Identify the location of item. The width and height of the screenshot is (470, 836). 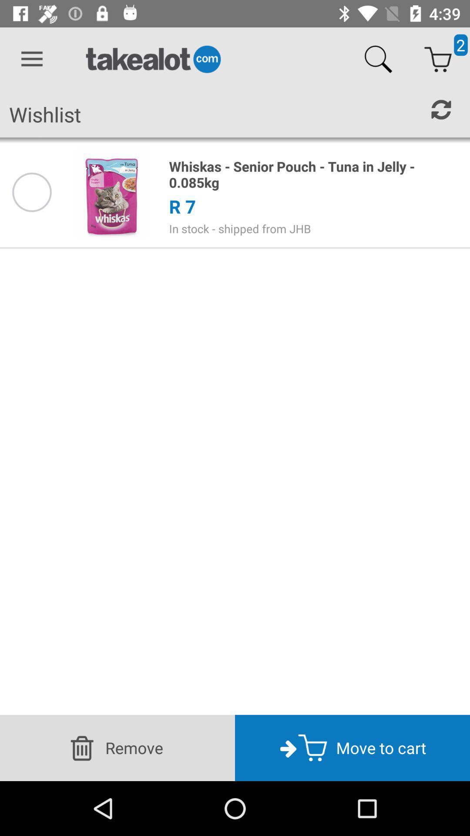
(31, 192).